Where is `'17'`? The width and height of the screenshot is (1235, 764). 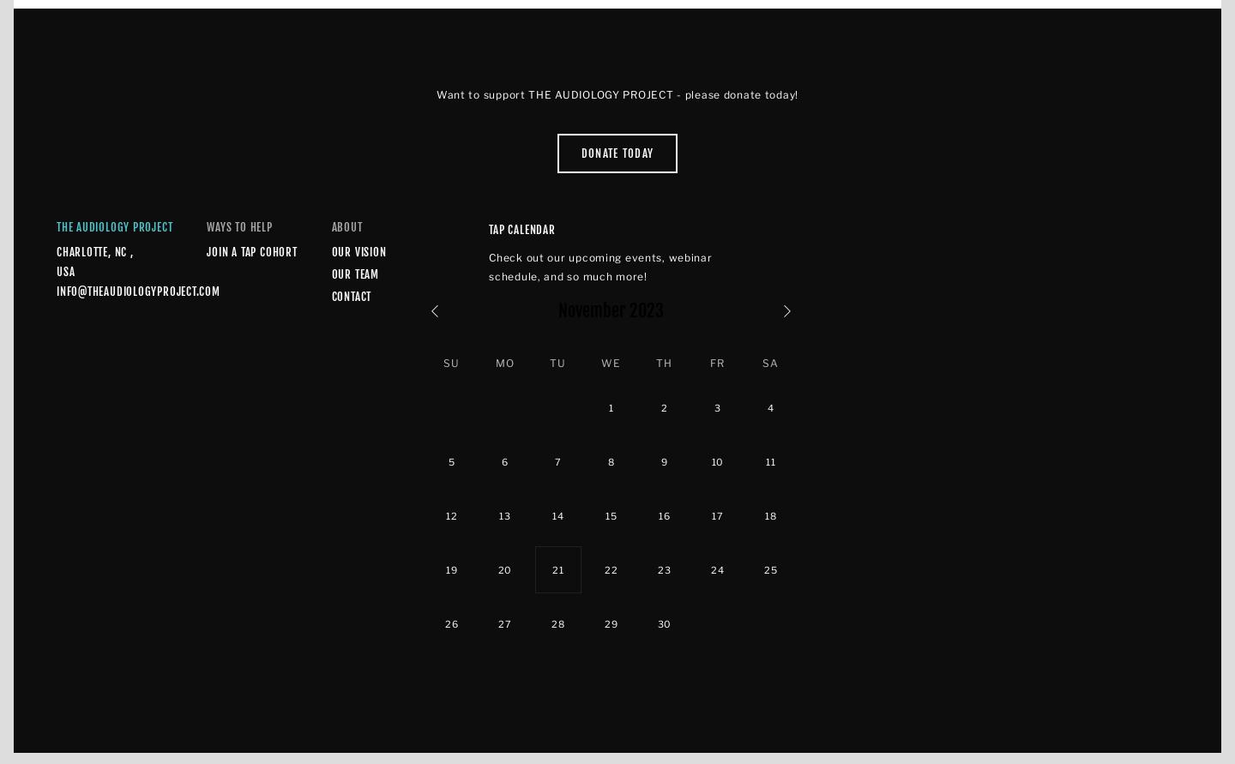
'17' is located at coordinates (717, 514).